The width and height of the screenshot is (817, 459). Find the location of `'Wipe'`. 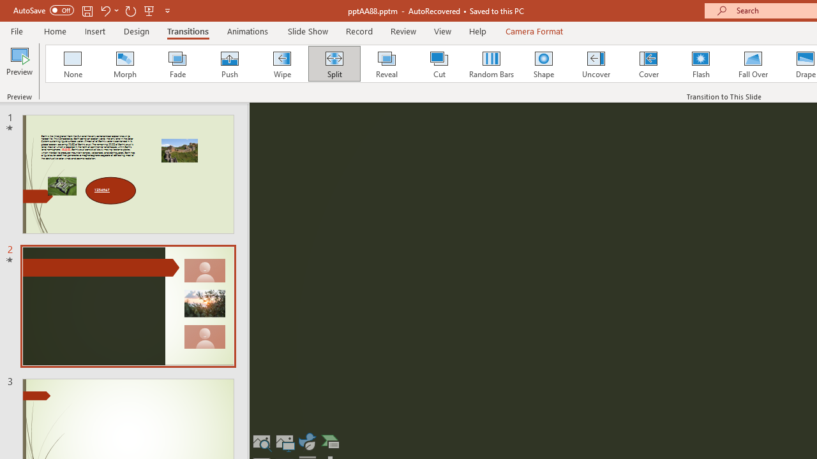

'Wipe' is located at coordinates (281, 64).